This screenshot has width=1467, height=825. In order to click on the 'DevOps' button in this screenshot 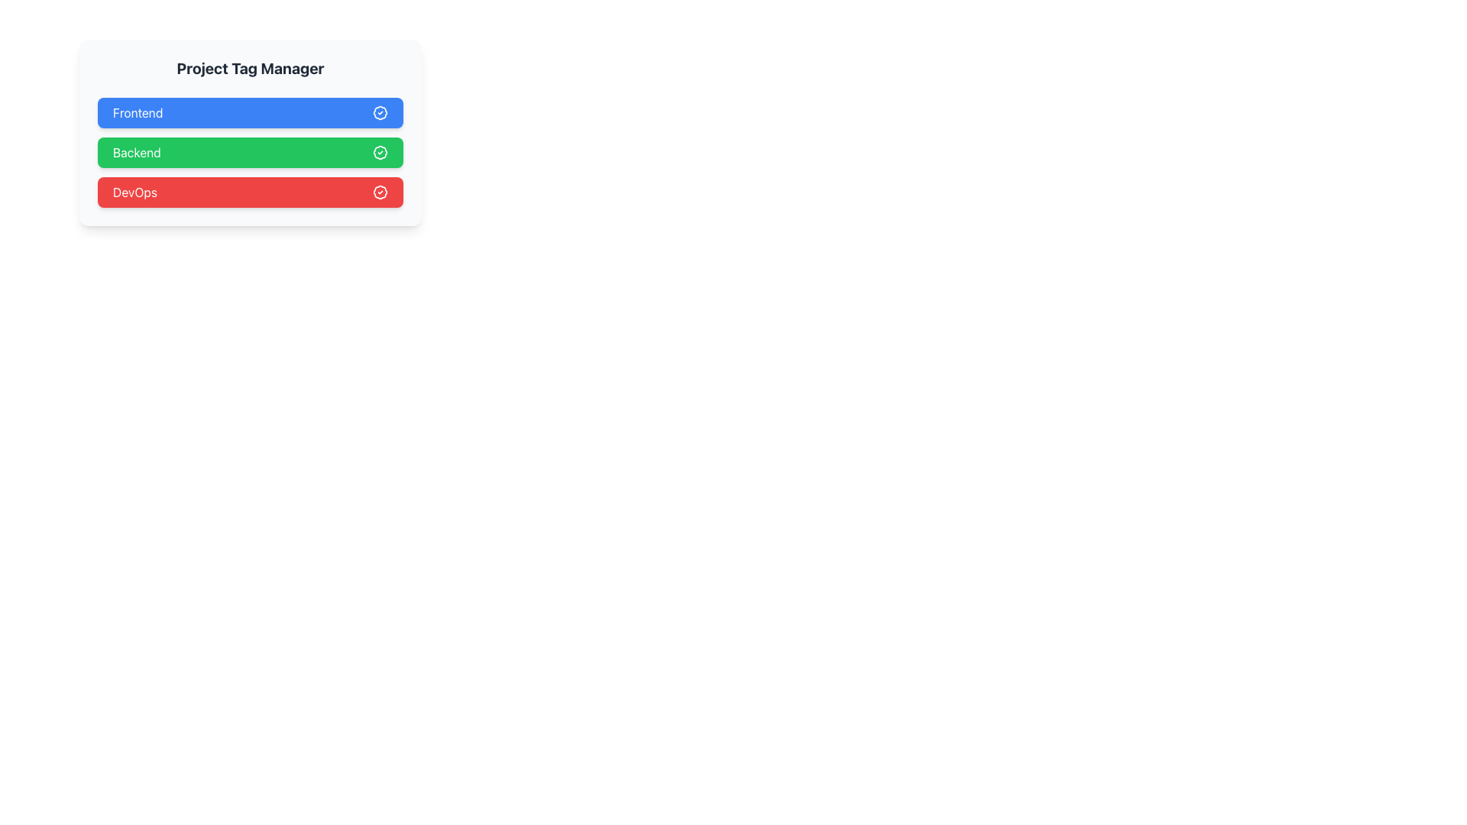, I will do `click(250, 191)`.